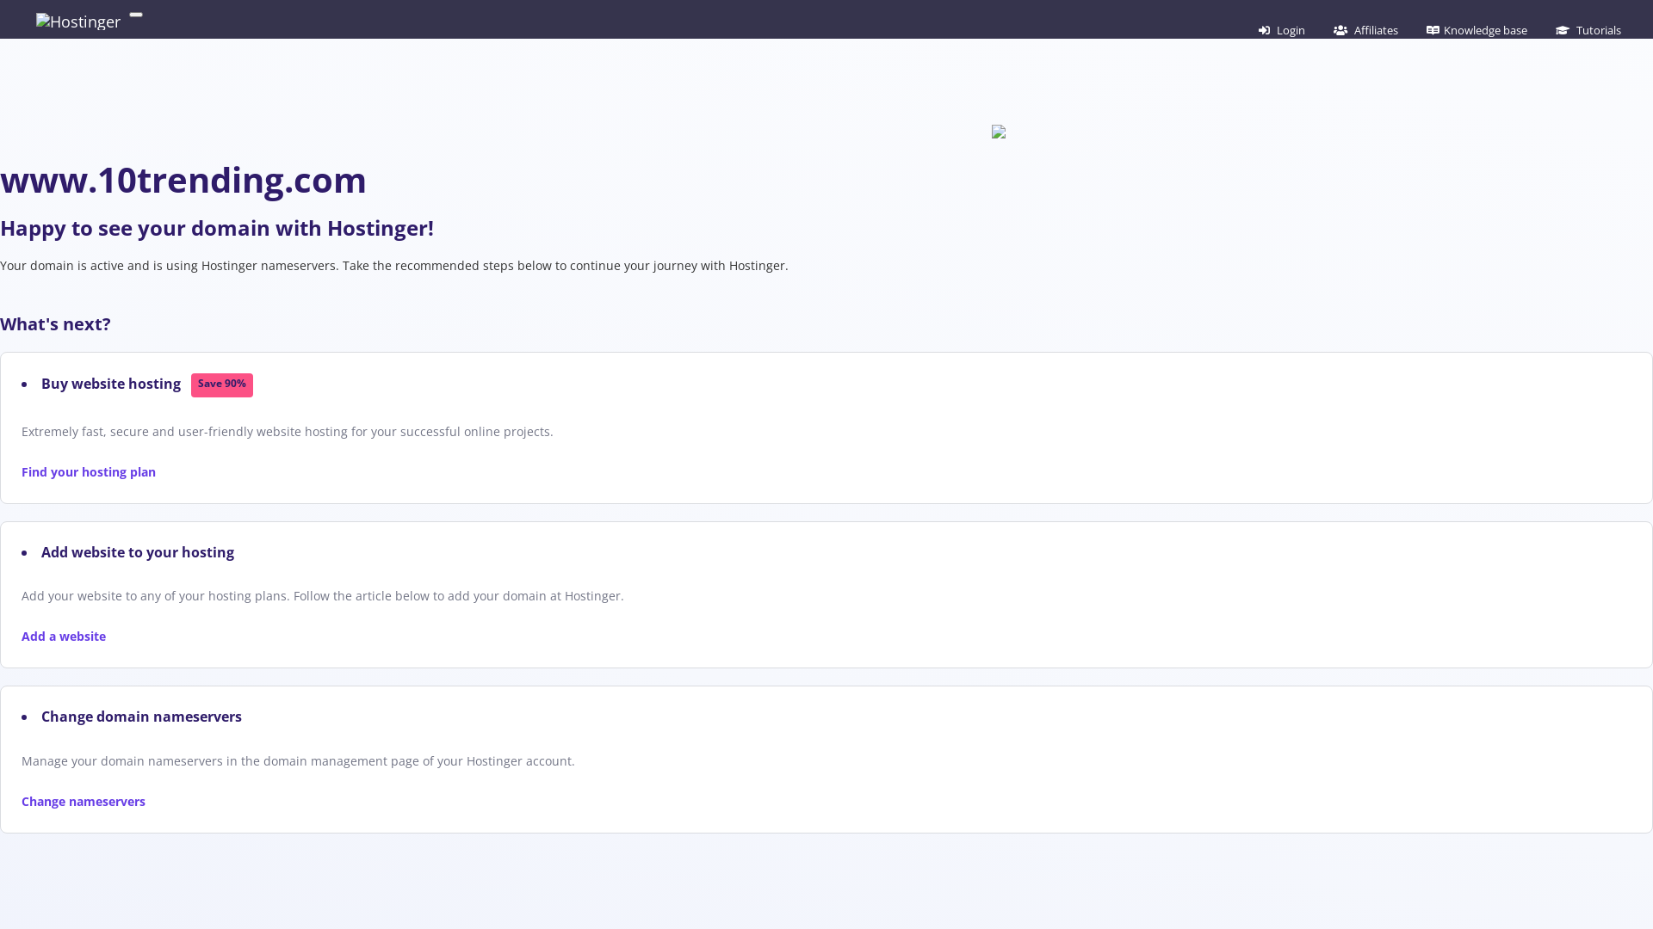 The image size is (1653, 929). I want to click on 'Affiliates', so click(1328, 29).